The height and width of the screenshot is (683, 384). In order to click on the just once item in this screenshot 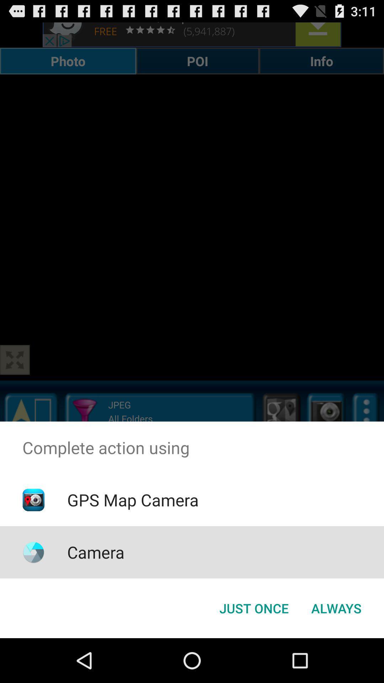, I will do `click(254, 608)`.